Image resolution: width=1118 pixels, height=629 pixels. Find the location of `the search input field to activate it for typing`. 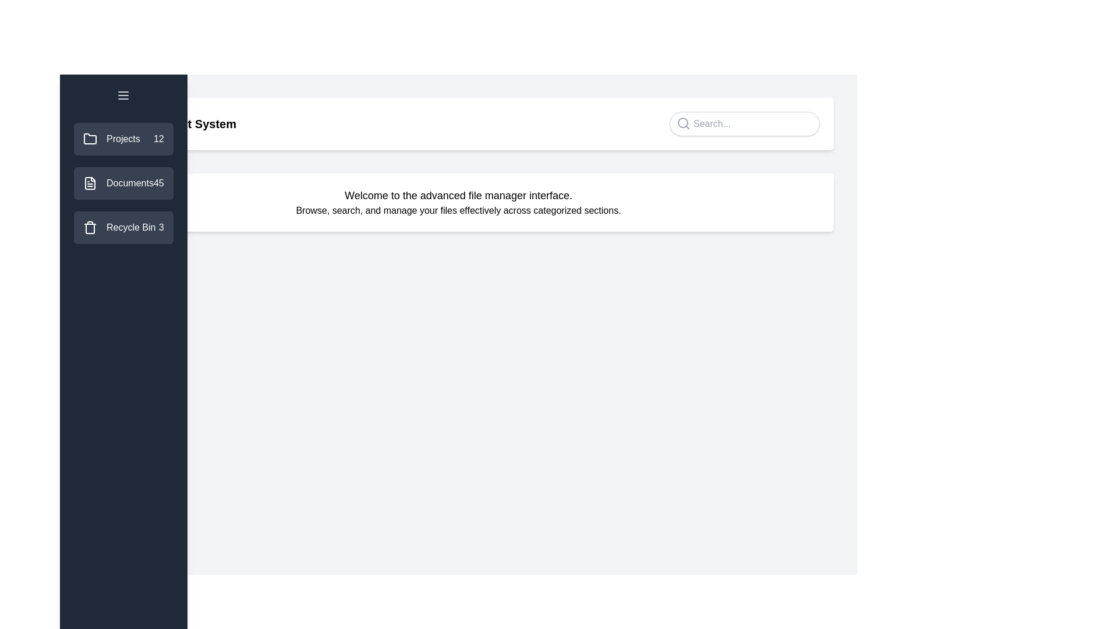

the search input field to activate it for typing is located at coordinates (744, 123).